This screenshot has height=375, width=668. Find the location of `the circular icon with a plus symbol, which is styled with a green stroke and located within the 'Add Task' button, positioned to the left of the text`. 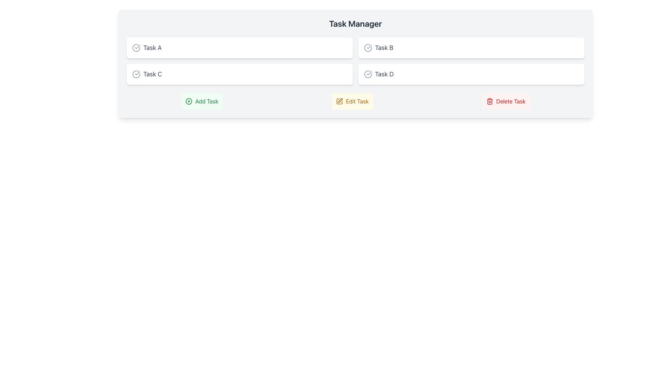

the circular icon with a plus symbol, which is styled with a green stroke and located within the 'Add Task' button, positioned to the left of the text is located at coordinates (189, 101).